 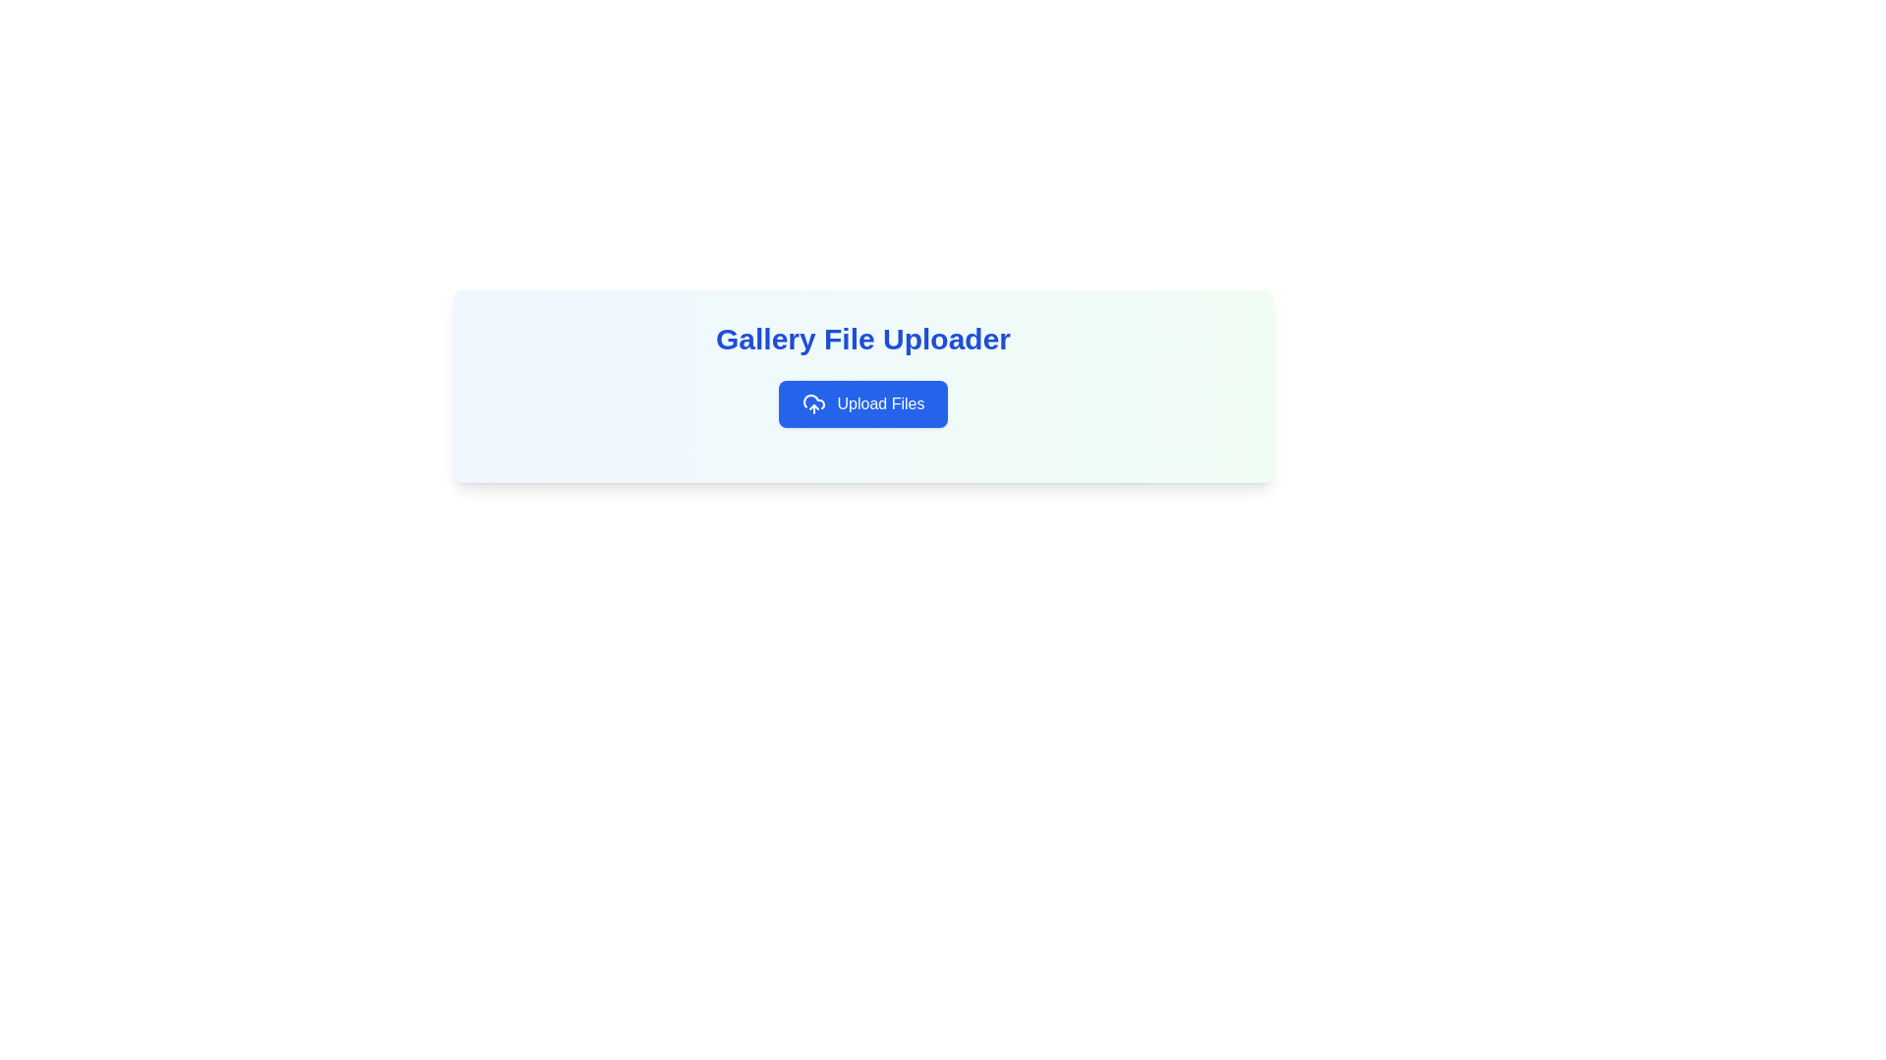 I want to click on the 'Upload Files' button, which has a blue background and white text, located under the 'Gallery File Uploader' title, so click(x=862, y=403).